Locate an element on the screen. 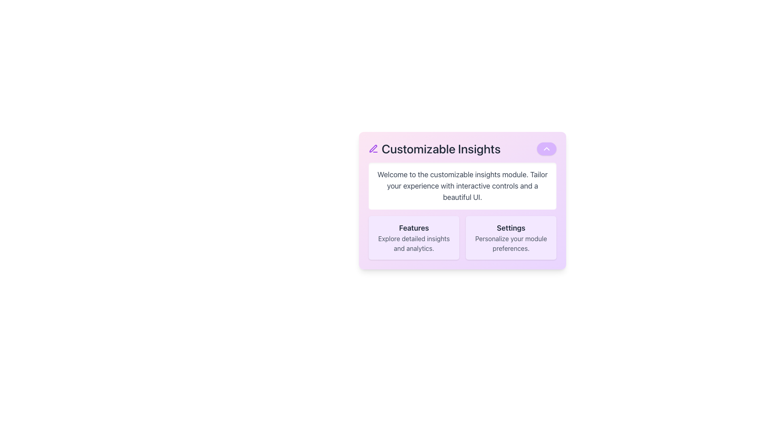 This screenshot has height=437, width=777. the decorative icon associated with 'Customizable Insights', located at the leftmost part of the title section of the card is located at coordinates (373, 148).